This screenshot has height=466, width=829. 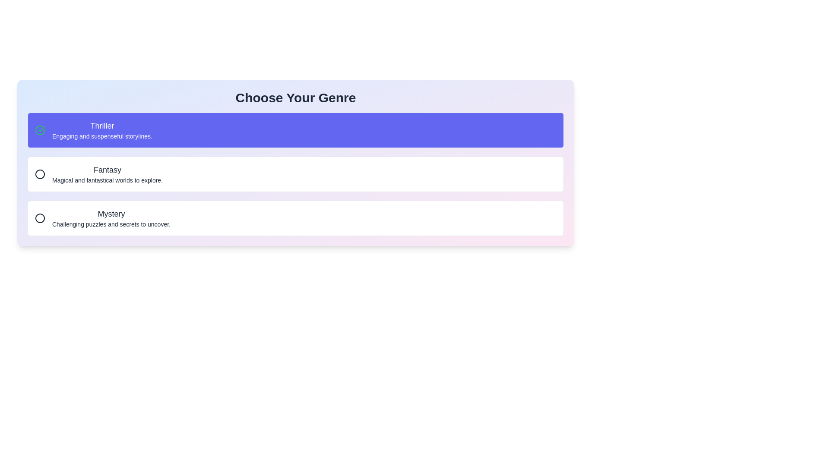 What do you see at coordinates (111, 217) in the screenshot?
I see `to select the 'Mystery' genre from the third option in the vertical list of genre options` at bounding box center [111, 217].